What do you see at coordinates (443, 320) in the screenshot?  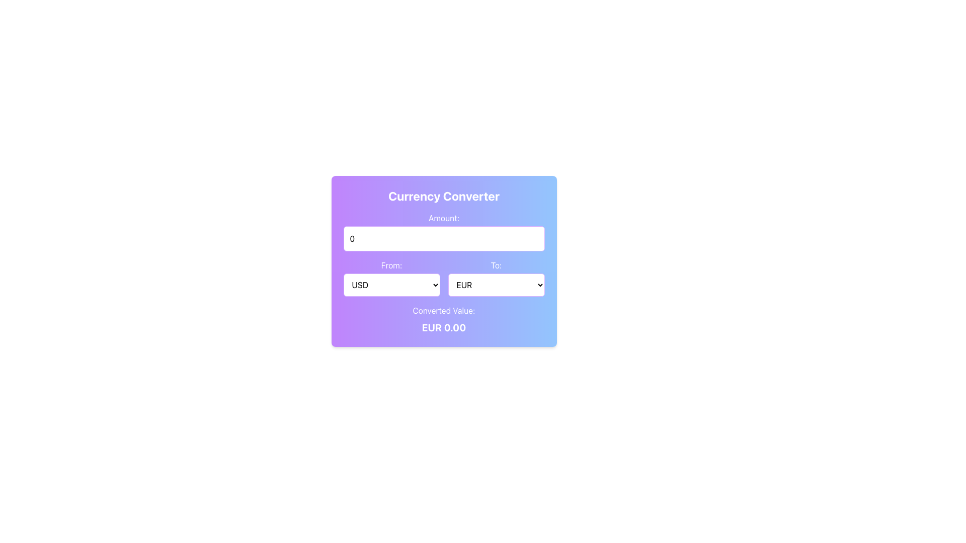 I see `the label displaying the converted currency value at the bottom of the 'Currency Converter' card` at bounding box center [443, 320].